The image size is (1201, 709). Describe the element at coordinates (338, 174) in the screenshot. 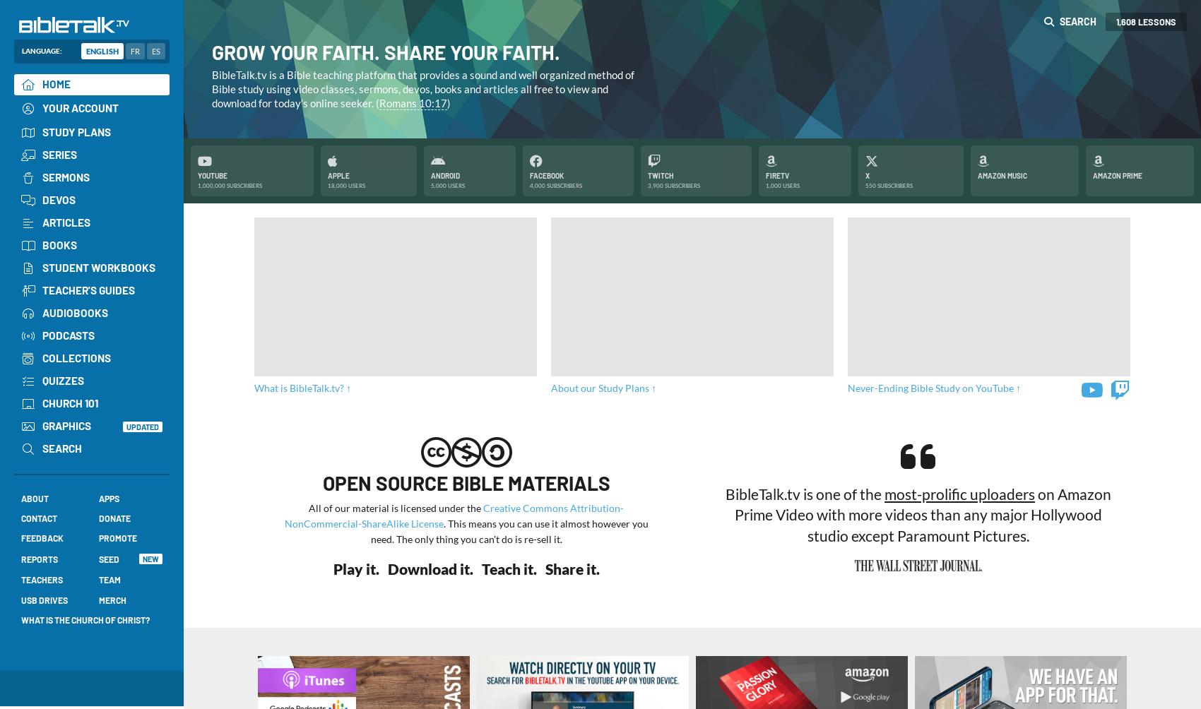

I see `'Apple'` at that location.